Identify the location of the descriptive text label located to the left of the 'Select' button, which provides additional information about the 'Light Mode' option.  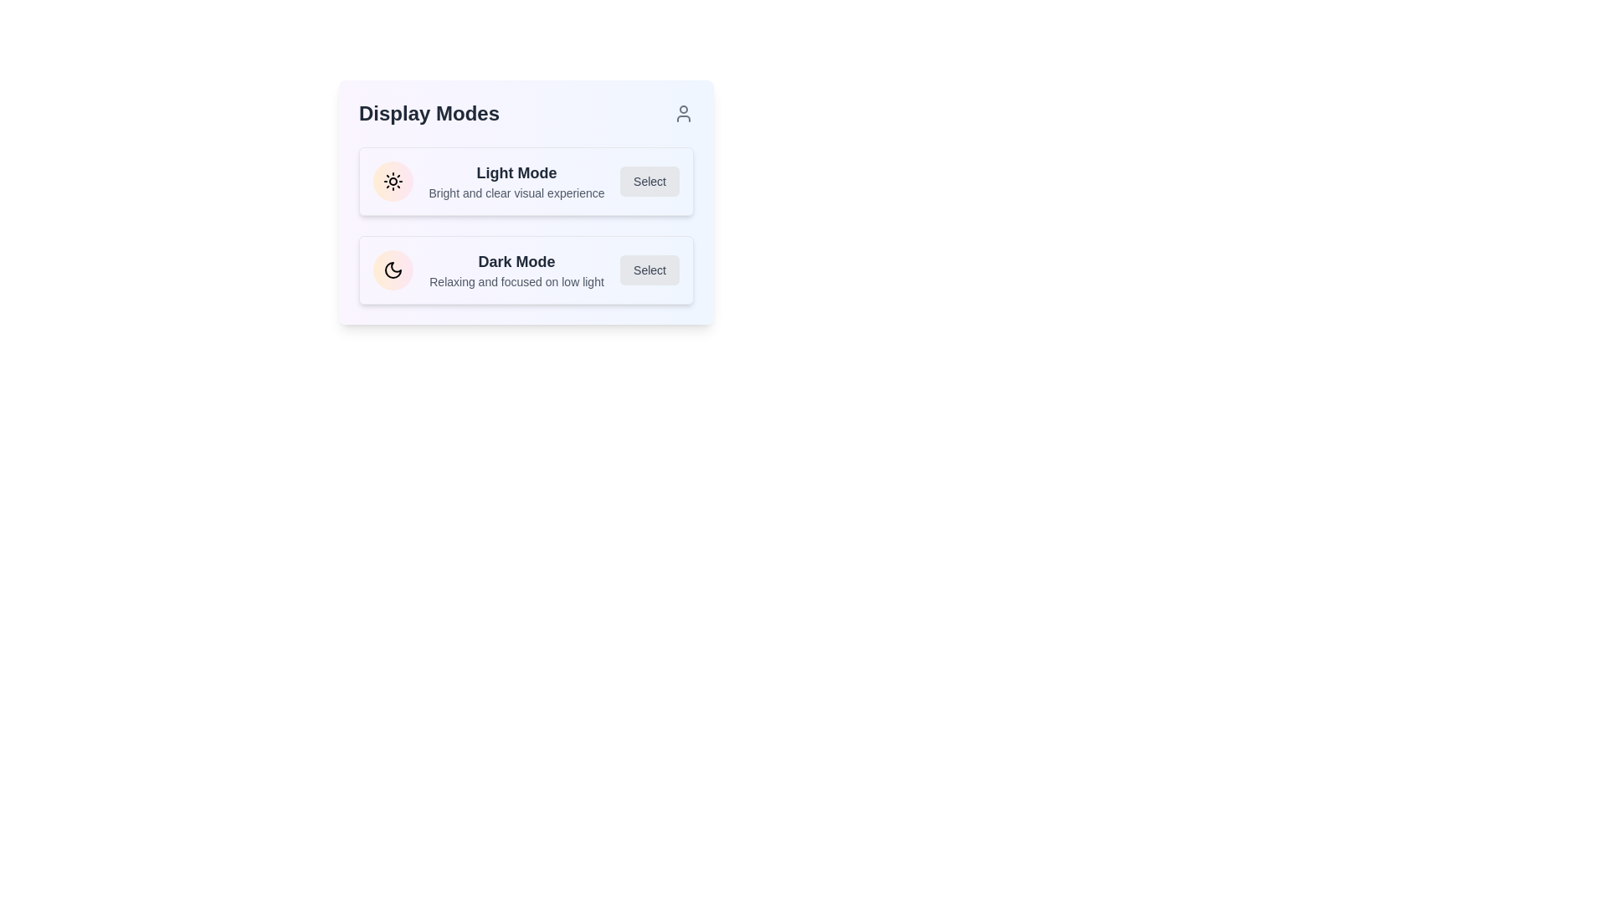
(516, 193).